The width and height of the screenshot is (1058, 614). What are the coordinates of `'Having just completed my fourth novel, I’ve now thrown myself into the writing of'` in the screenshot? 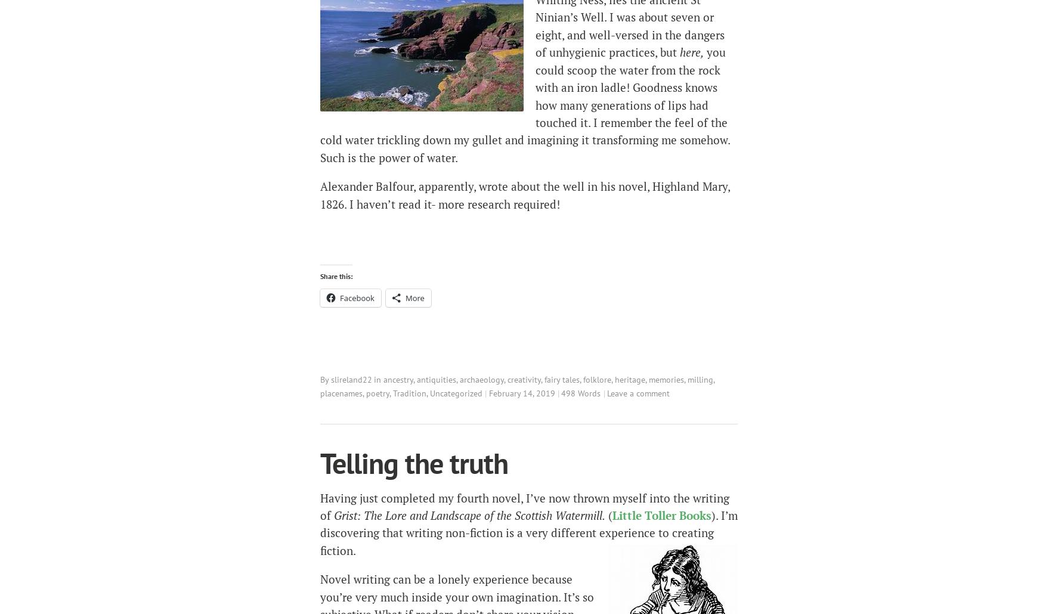 It's located at (525, 506).